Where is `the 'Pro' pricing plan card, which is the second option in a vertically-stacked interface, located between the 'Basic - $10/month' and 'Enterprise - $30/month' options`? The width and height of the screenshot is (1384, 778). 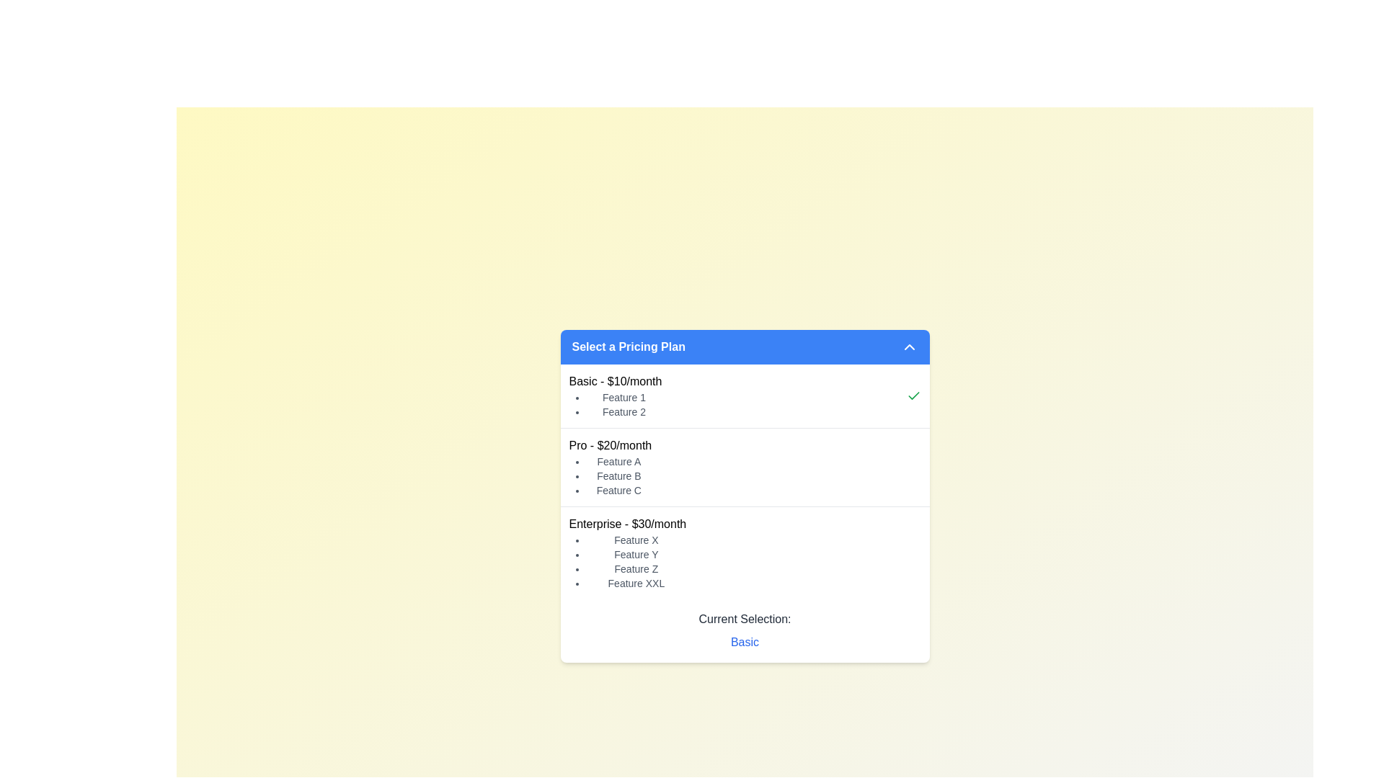
the 'Pro' pricing plan card, which is the second option in a vertically-stacked interface, located between the 'Basic - $10/month' and 'Enterprise - $30/month' options is located at coordinates (745, 467).